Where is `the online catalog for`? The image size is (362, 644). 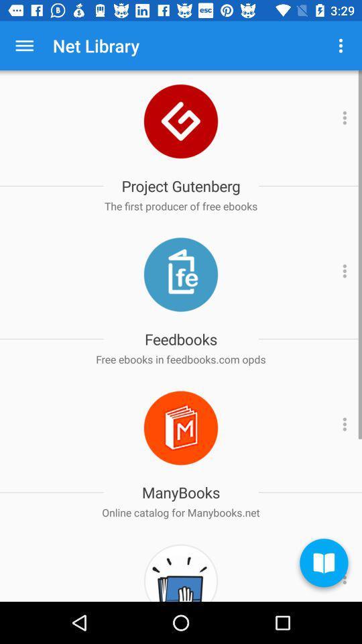
the online catalog for is located at coordinates (181, 512).